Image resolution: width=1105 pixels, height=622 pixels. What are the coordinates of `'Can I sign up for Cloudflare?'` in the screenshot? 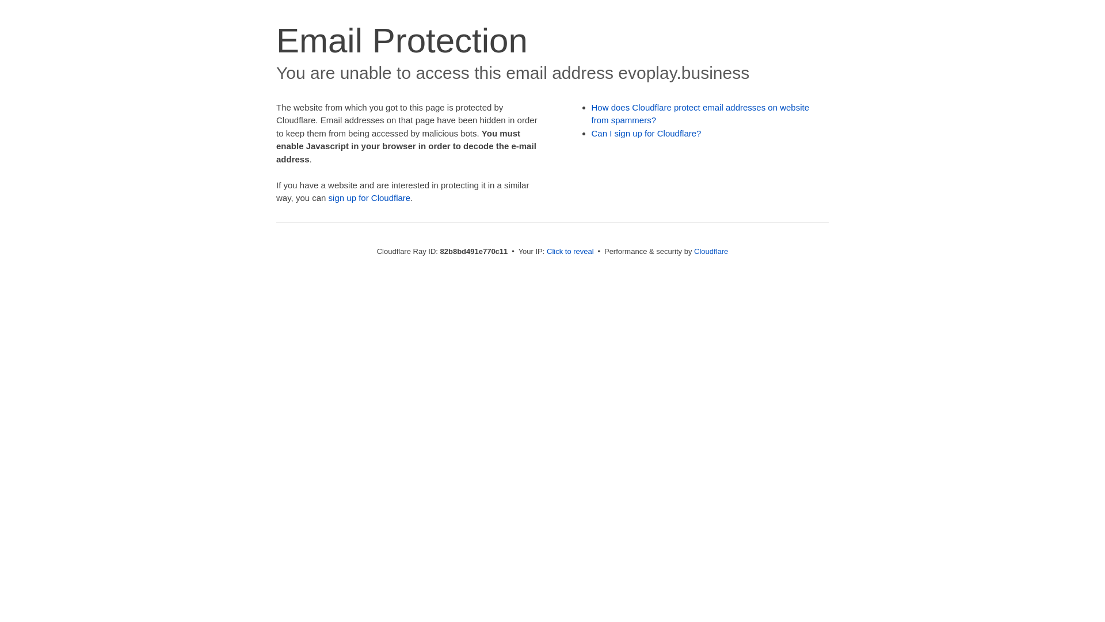 It's located at (646, 132).